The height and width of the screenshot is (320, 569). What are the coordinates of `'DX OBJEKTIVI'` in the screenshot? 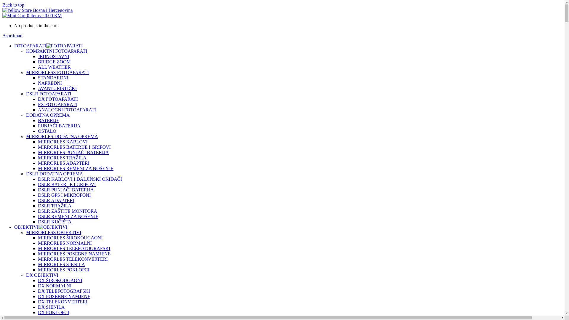 It's located at (42, 275).